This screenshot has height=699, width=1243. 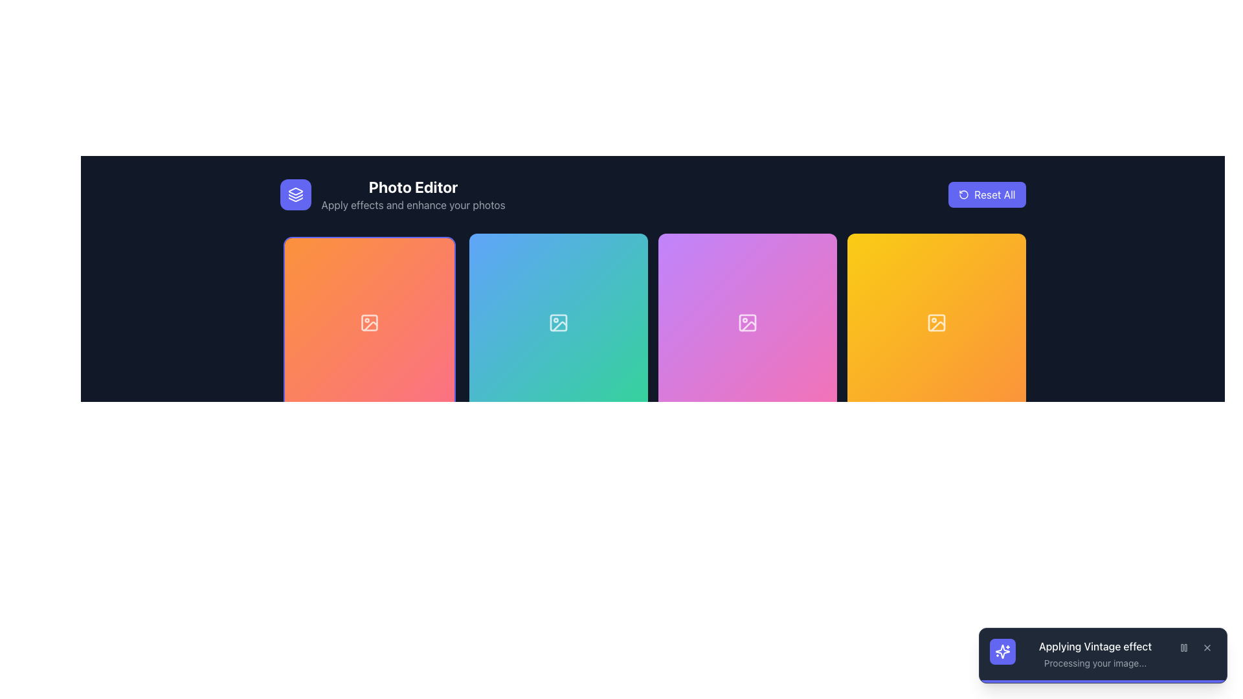 I want to click on the vintage effect icon located within a blue rounded rectangle at the bottom right corner of the interface, so click(x=1002, y=651).